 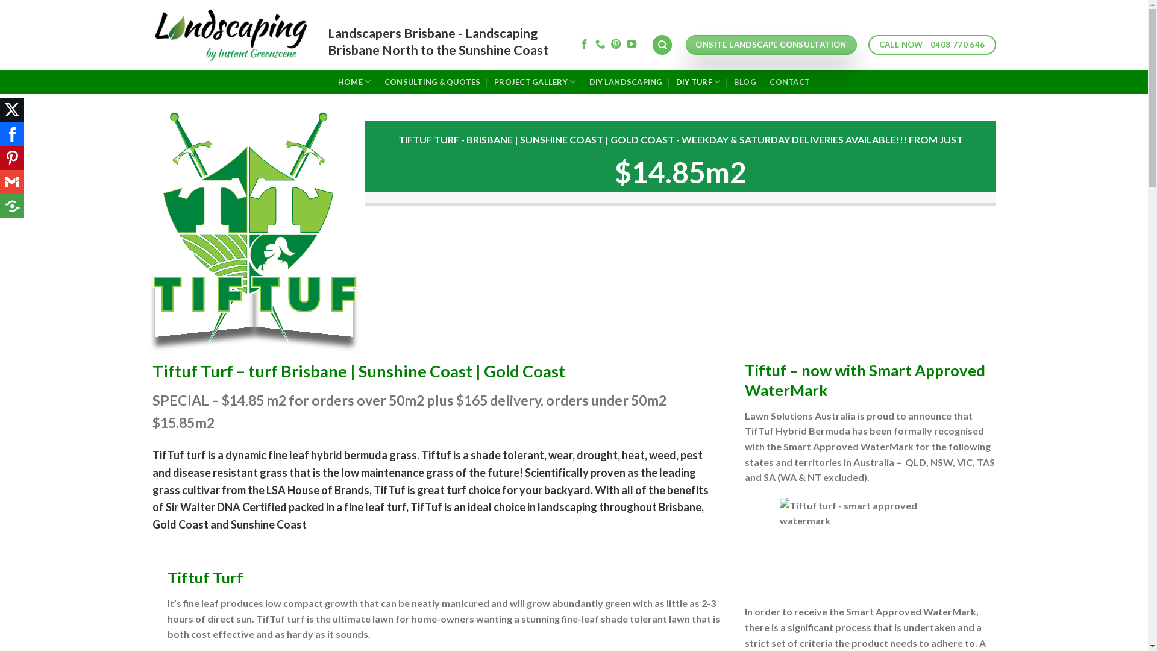 What do you see at coordinates (337, 81) in the screenshot?
I see `'HOME'` at bounding box center [337, 81].